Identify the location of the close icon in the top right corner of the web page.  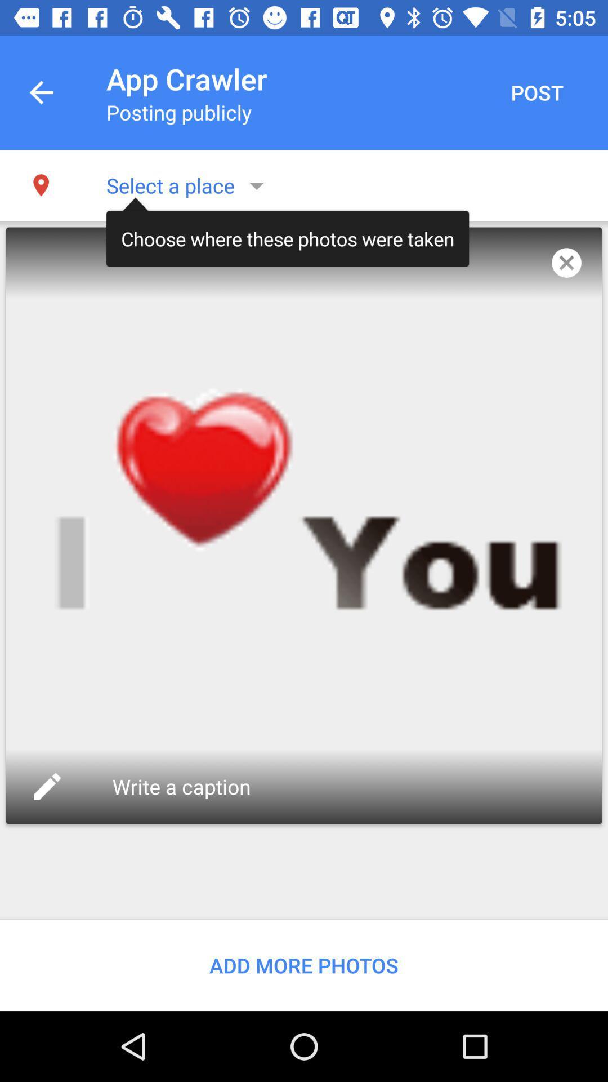
(566, 262).